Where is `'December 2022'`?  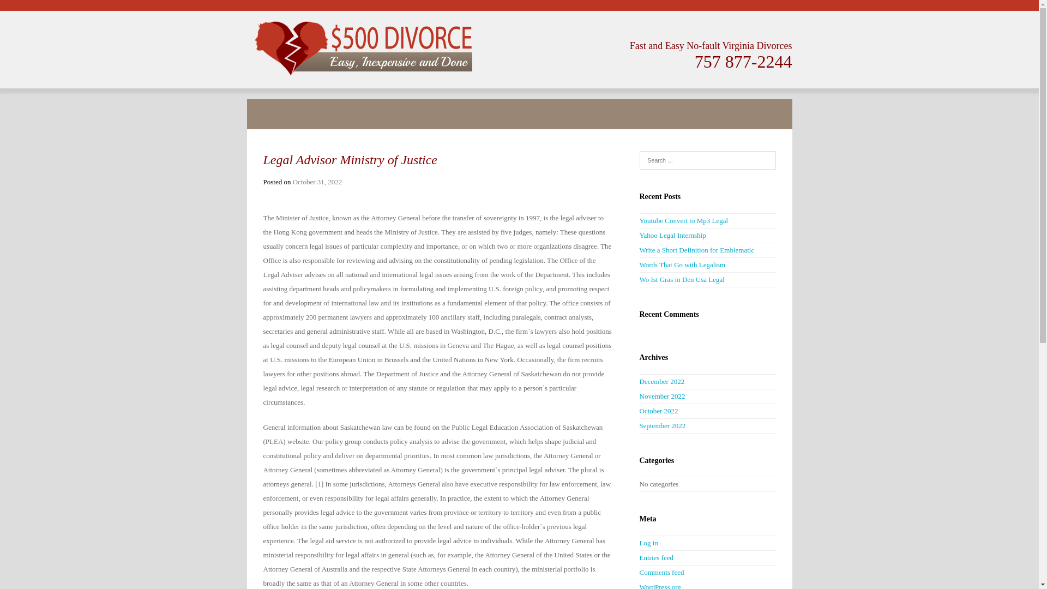
'December 2022' is located at coordinates (661, 381).